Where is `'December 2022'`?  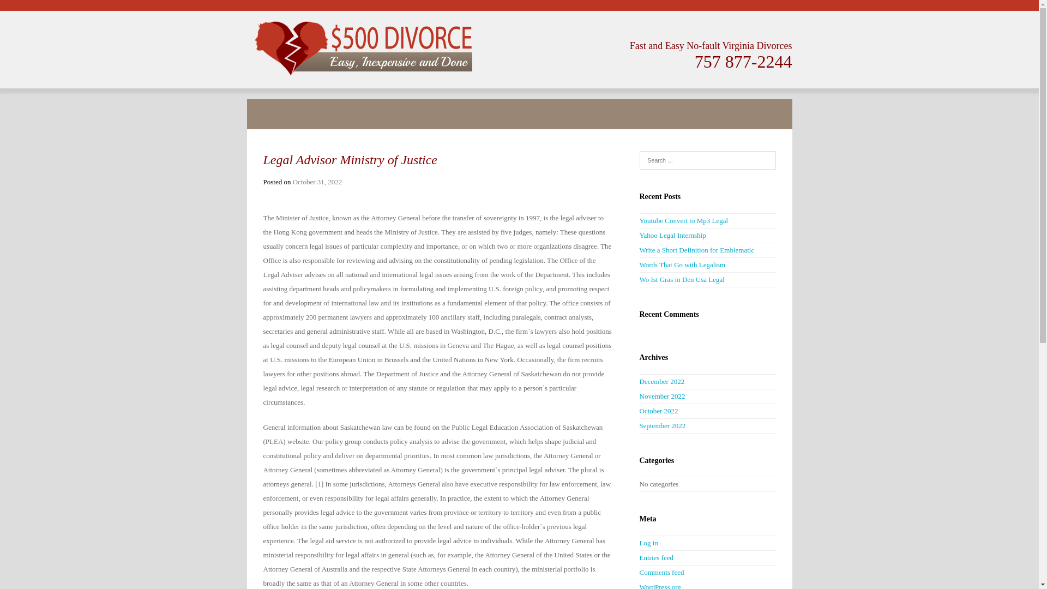
'December 2022' is located at coordinates (661, 381).